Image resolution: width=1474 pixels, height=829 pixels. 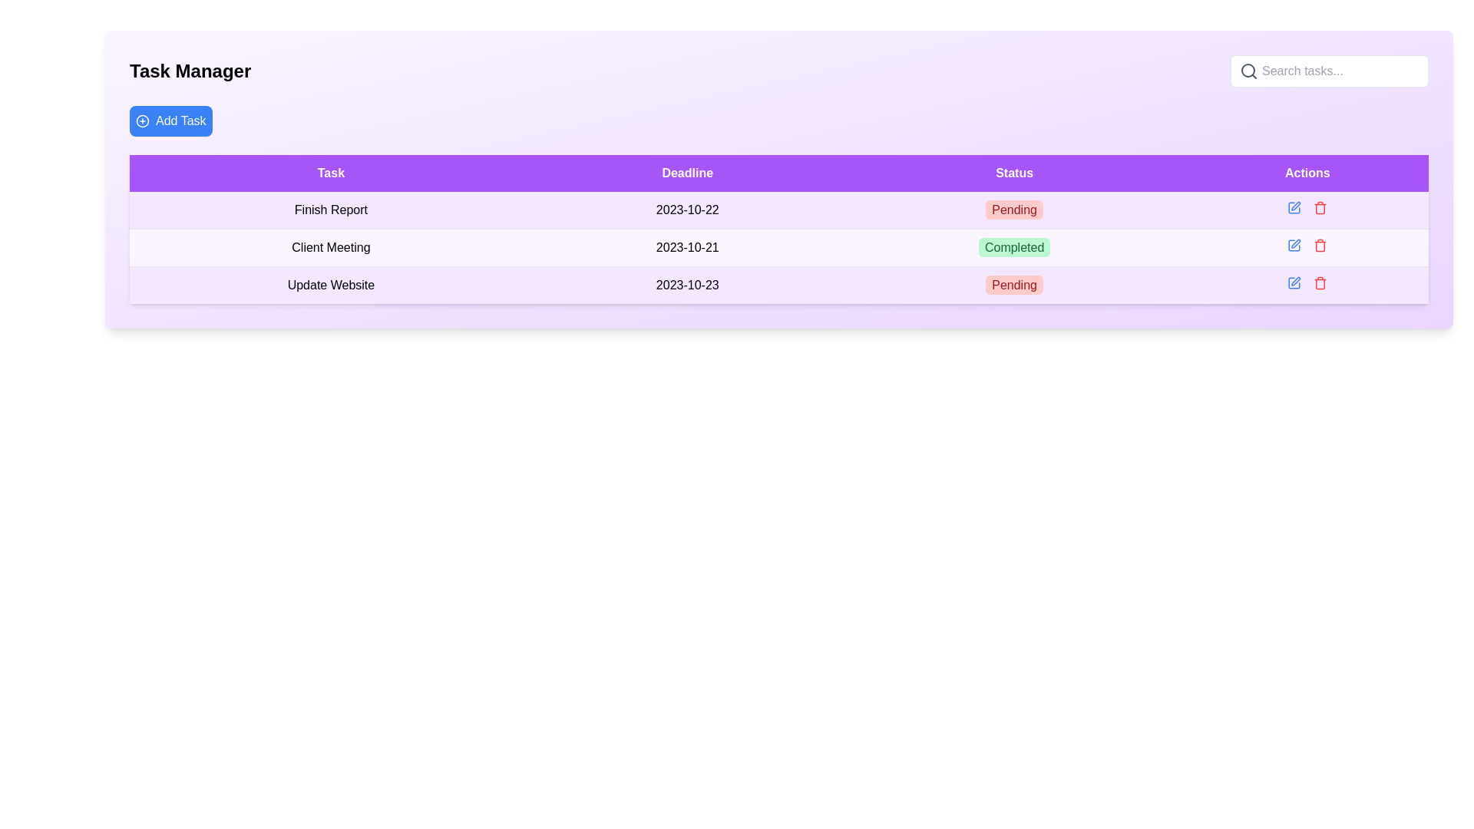 What do you see at coordinates (1320, 245) in the screenshot?
I see `the delete button for the 'Client Meeting' task located in the 'Actions' column of the second row` at bounding box center [1320, 245].